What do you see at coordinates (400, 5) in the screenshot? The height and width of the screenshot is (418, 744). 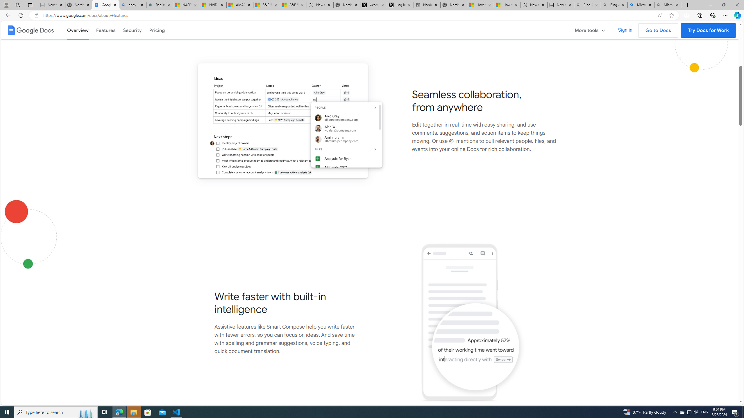 I see `'Log in to X / X'` at bounding box center [400, 5].